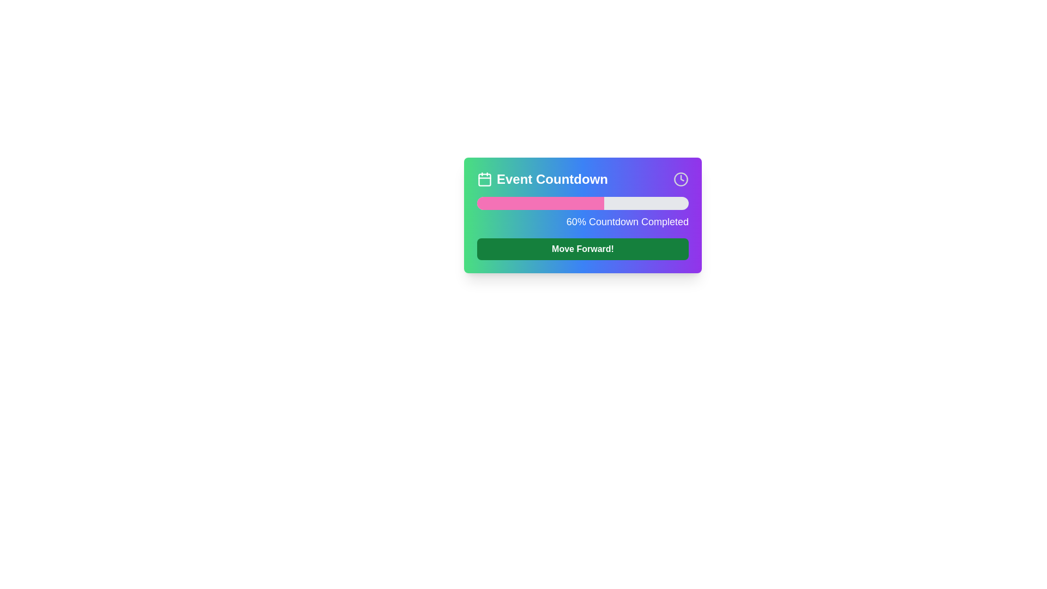 The height and width of the screenshot is (589, 1047). What do you see at coordinates (484, 179) in the screenshot?
I see `the green rectangular calendar icon element located to the left of the 'Event Countdown' text, which has rounded corners and no visible text` at bounding box center [484, 179].